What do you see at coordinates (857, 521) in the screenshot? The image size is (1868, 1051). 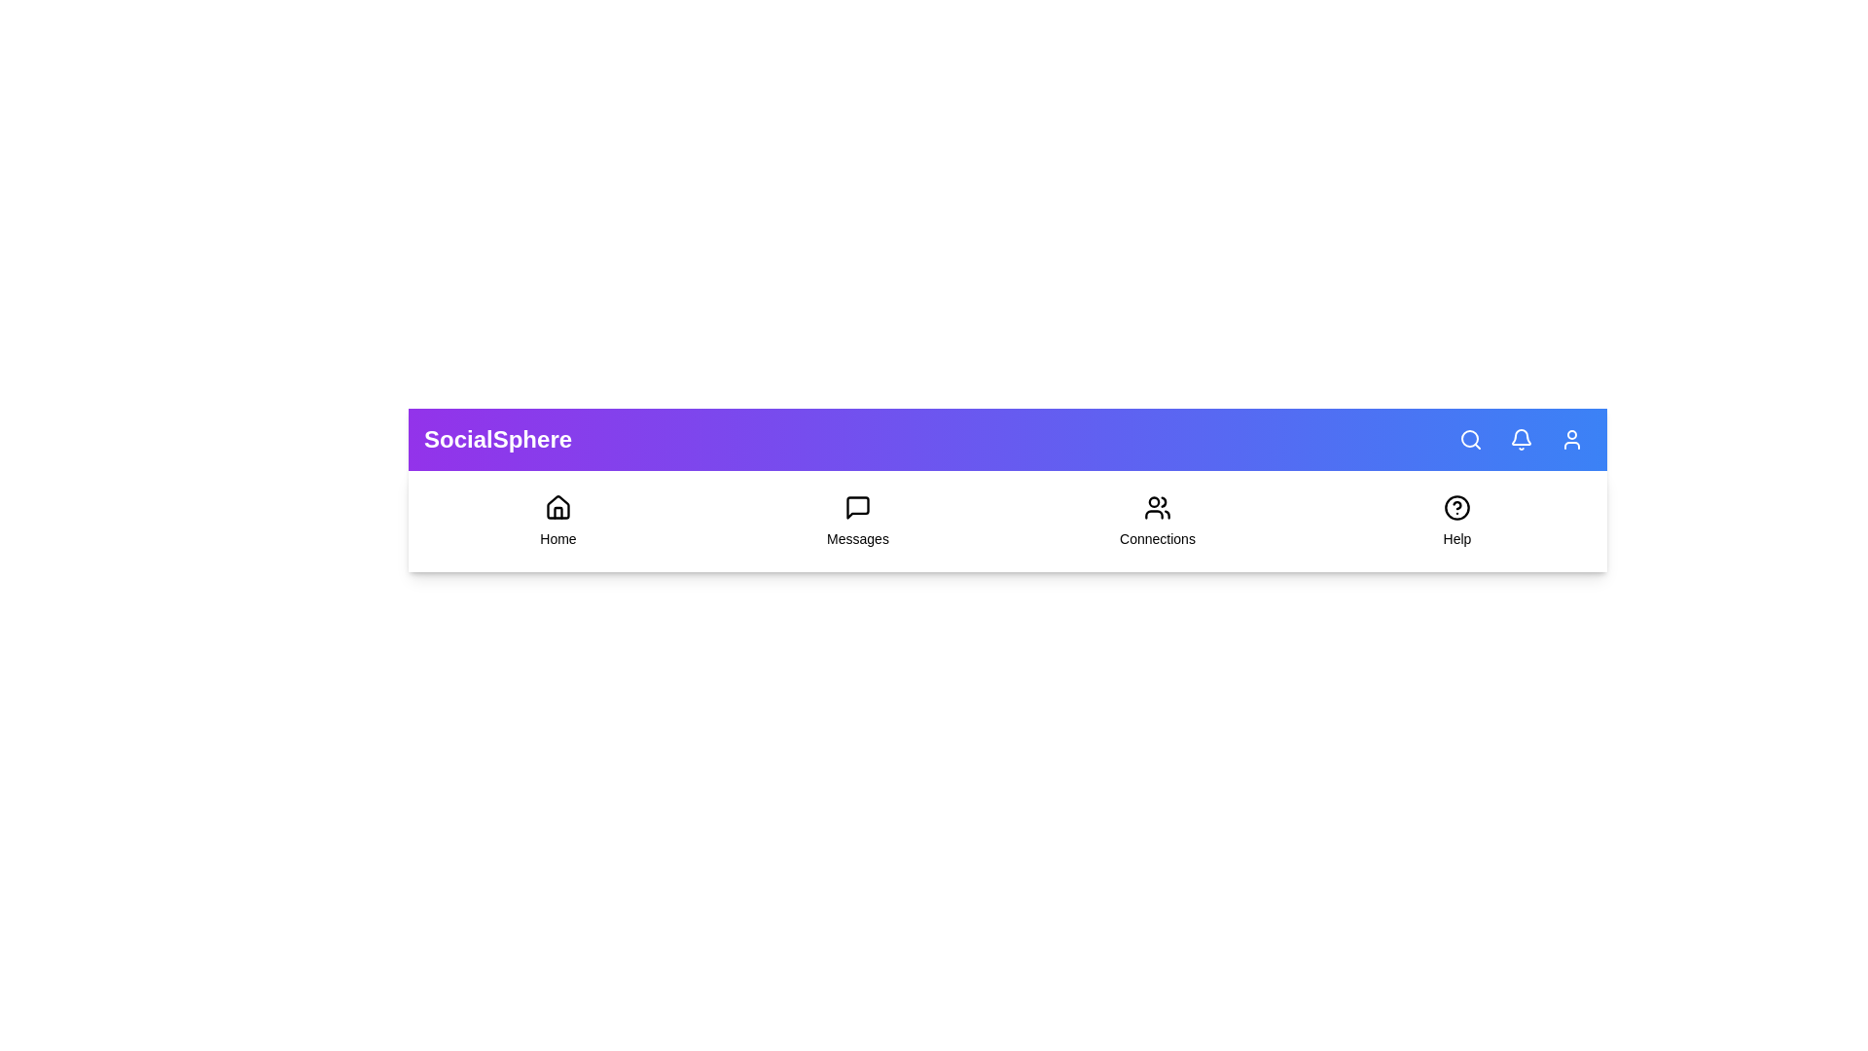 I see `the Messages menu item` at bounding box center [857, 521].